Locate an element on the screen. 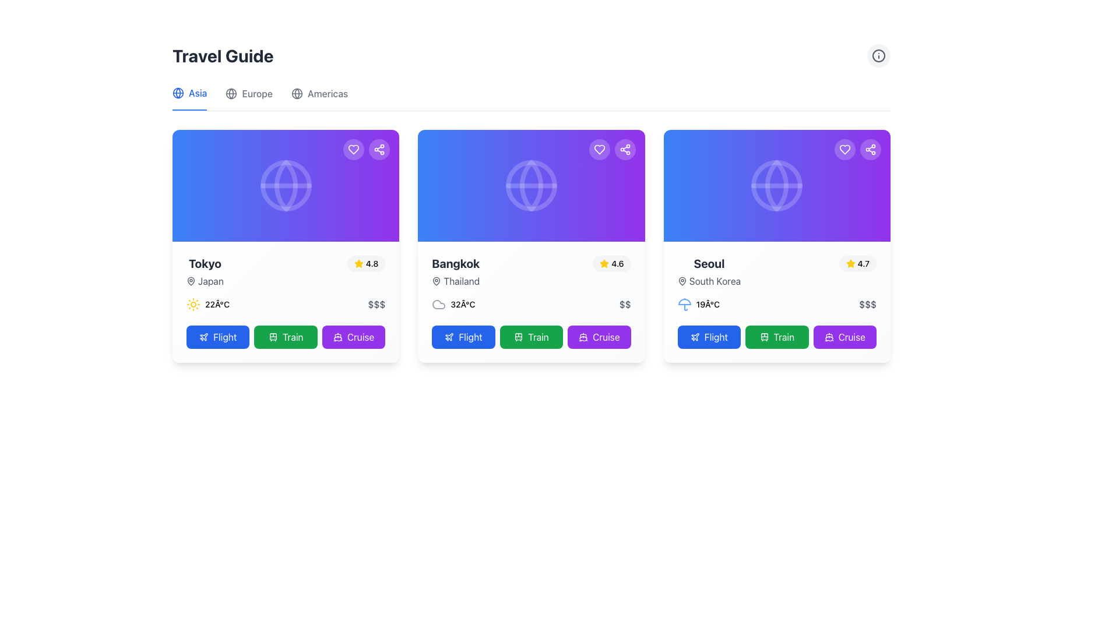  informational label displaying the country name associated with the city 'Seoul', positioned below the main title 'Seoul' and above the temperature indicator is located at coordinates (708, 281).